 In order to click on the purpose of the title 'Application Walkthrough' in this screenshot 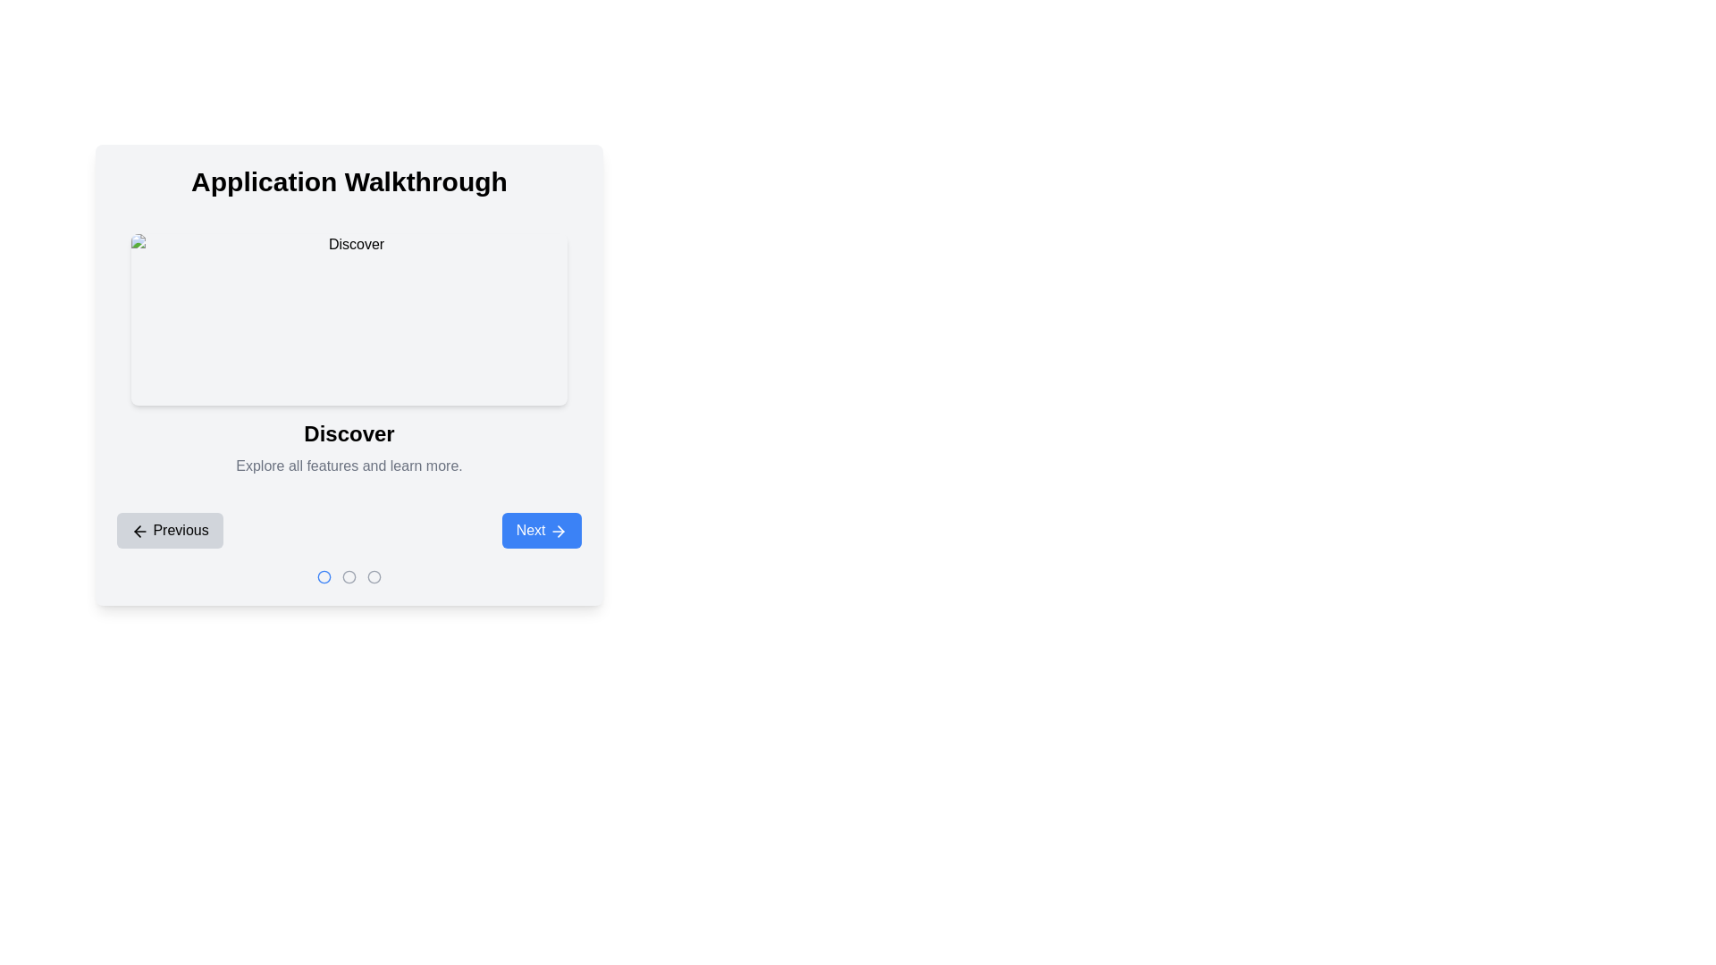, I will do `click(349, 182)`.